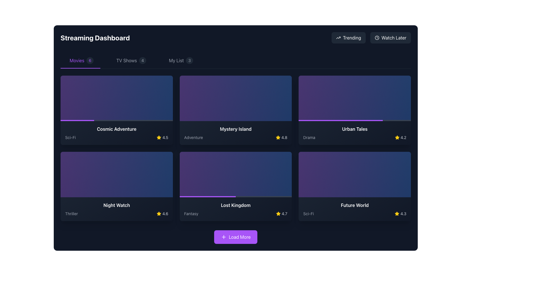 The image size is (546, 307). I want to click on the media tile displaying its title, genre, and rating information, located in the second row and second column of the grid layout, so click(236, 186).